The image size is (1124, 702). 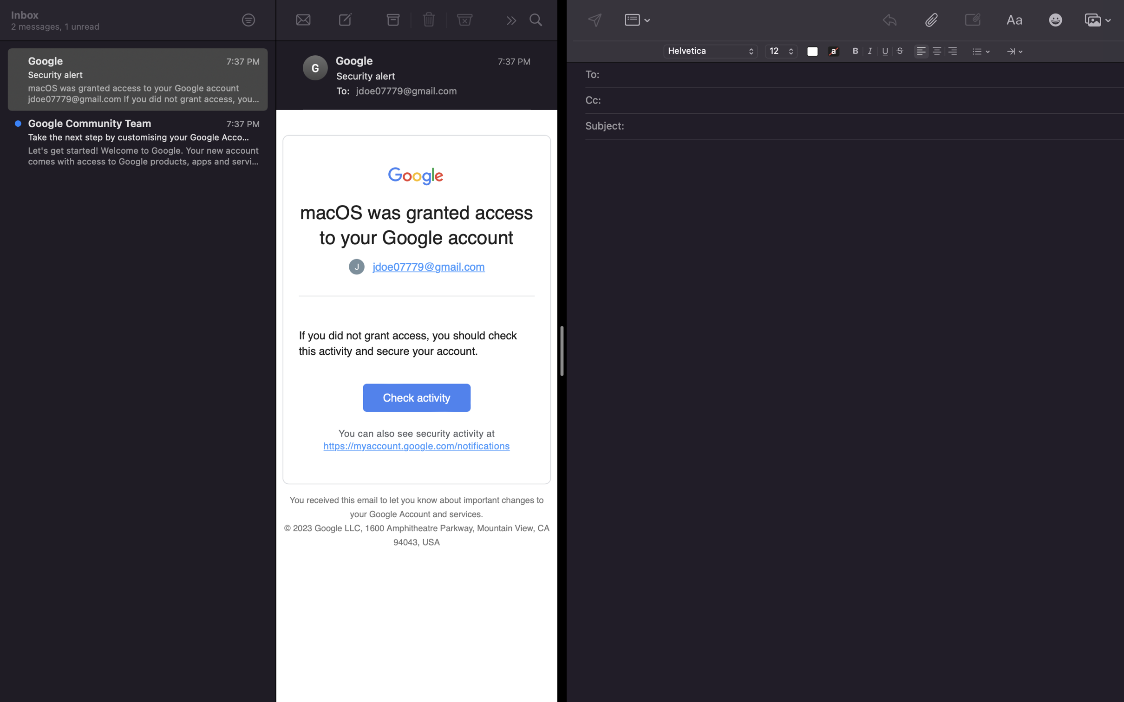 I want to click on Enter "sarah@gmail.com" as the email recipient, so click(x=861, y=75).